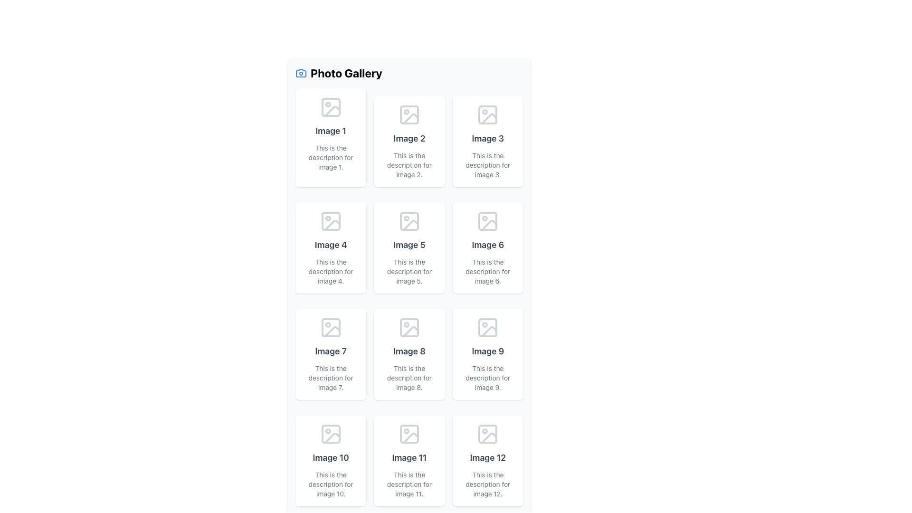  What do you see at coordinates (409, 164) in the screenshot?
I see `the descriptive text label located below the title 'Image 2' in the second column of the first row in the photo gallery` at bounding box center [409, 164].